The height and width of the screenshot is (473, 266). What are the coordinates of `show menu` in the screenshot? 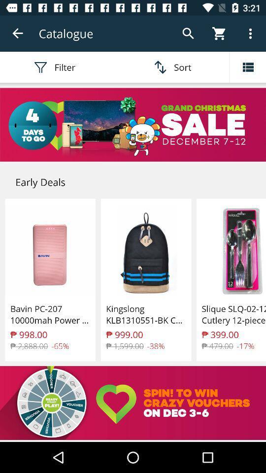 It's located at (247, 67).